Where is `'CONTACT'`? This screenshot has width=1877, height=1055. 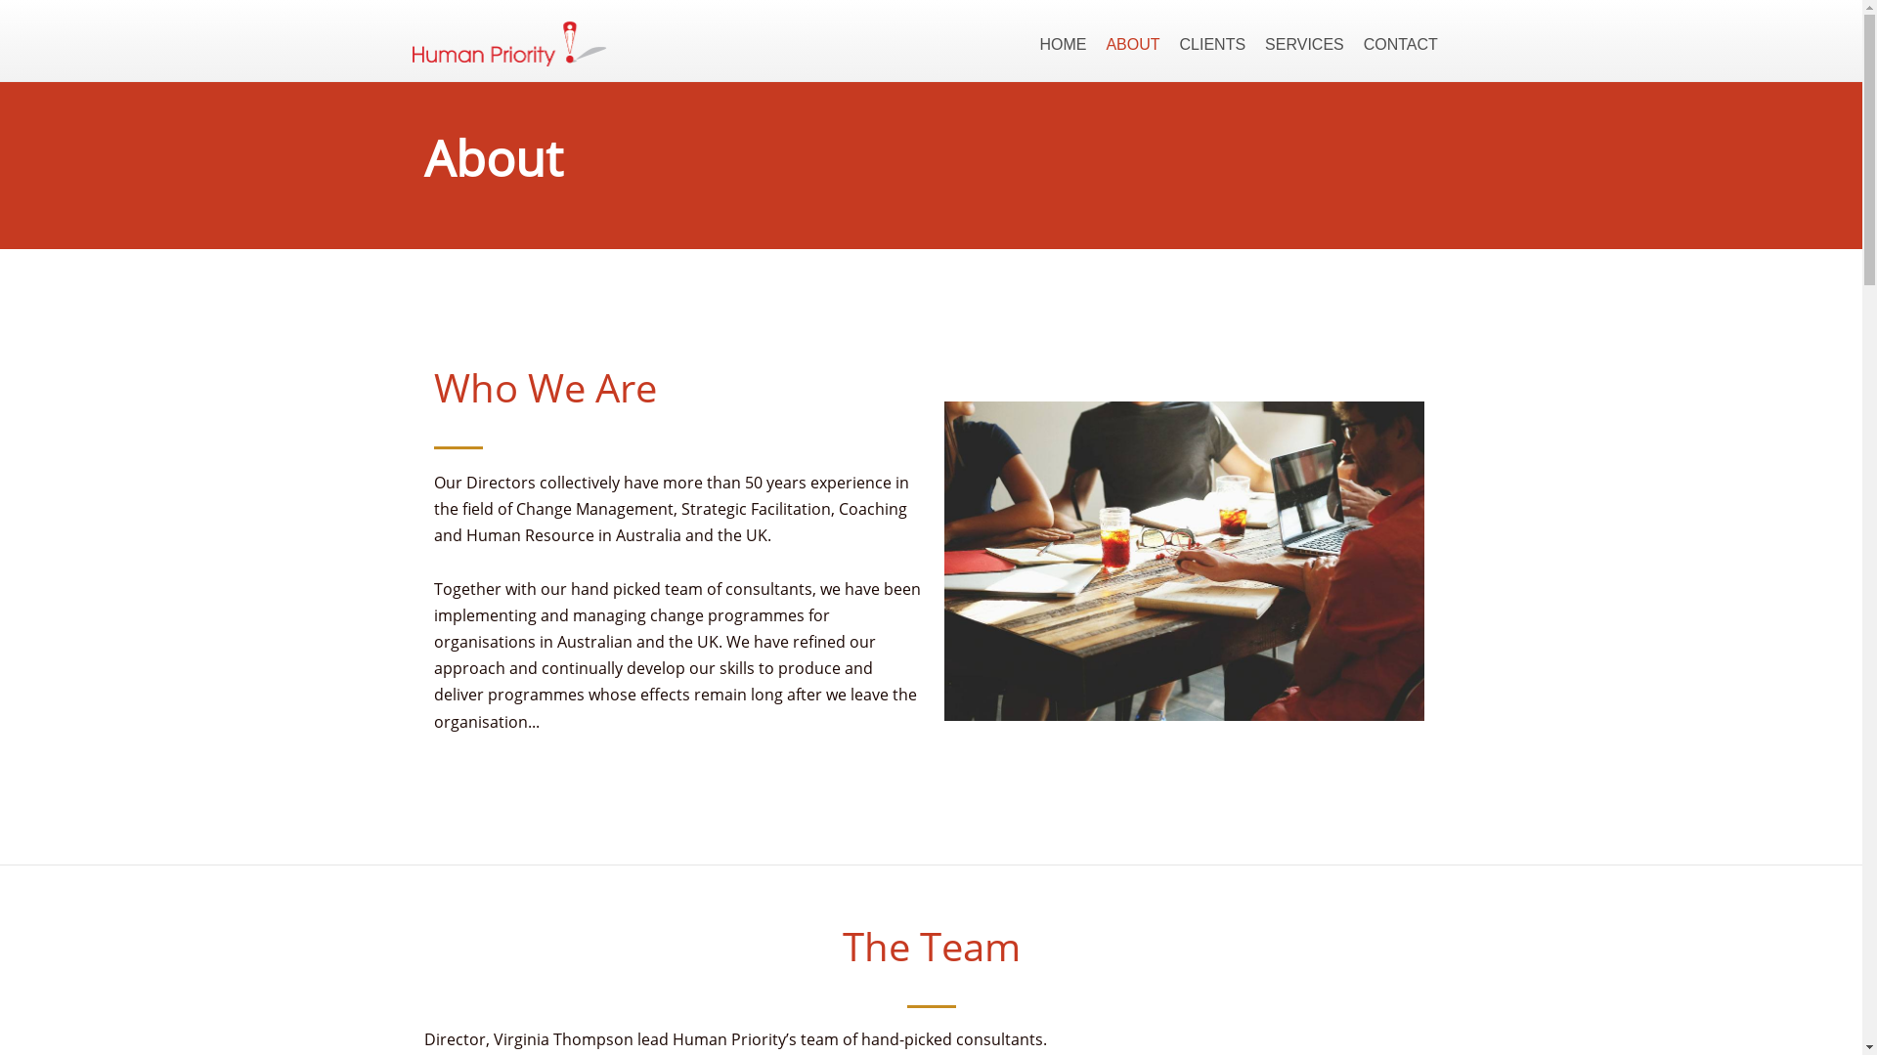 'CONTACT' is located at coordinates (1400, 44).